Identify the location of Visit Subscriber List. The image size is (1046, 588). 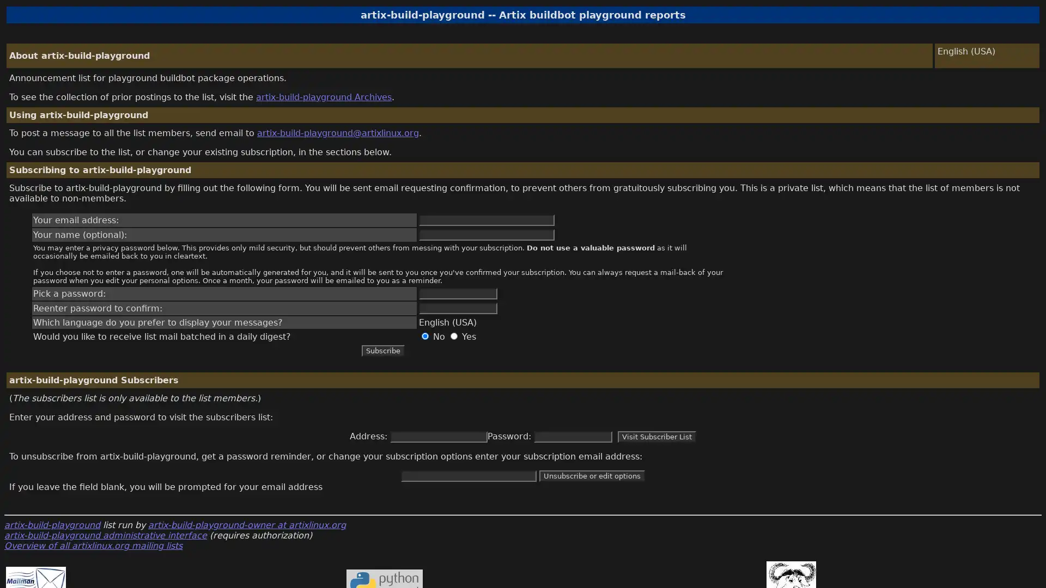
(656, 436).